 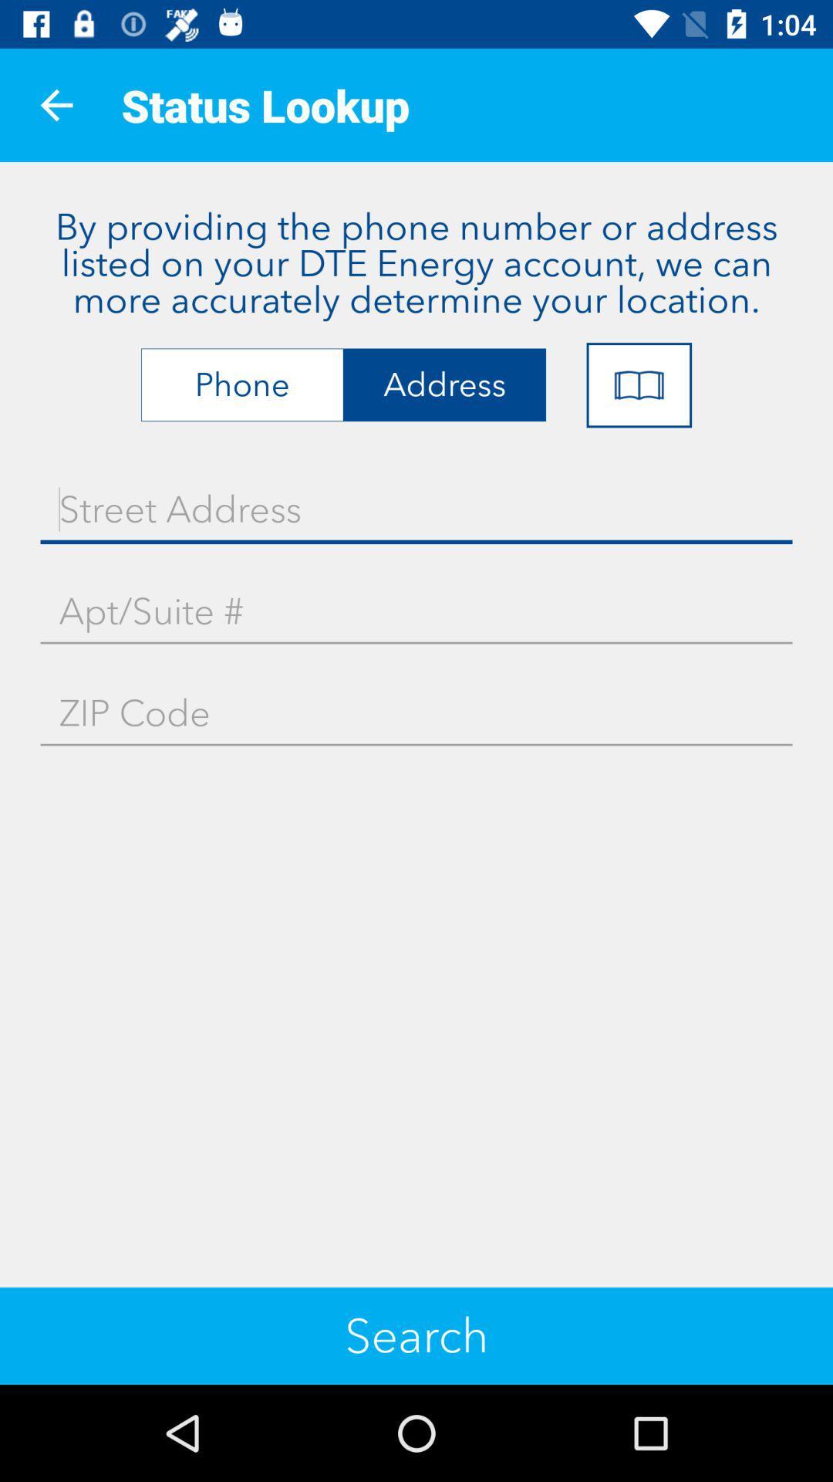 What do you see at coordinates (416, 1335) in the screenshot?
I see `search` at bounding box center [416, 1335].